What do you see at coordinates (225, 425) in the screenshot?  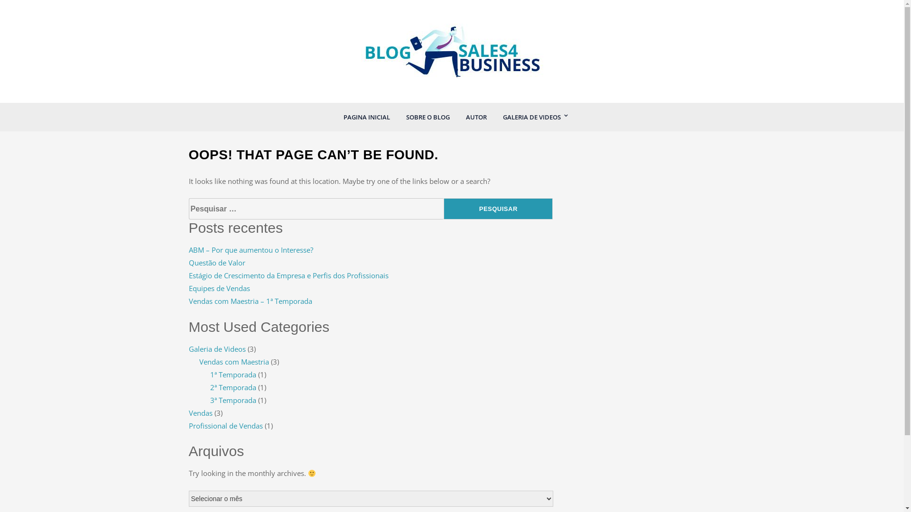 I see `'Profissional de Vendas'` at bounding box center [225, 425].